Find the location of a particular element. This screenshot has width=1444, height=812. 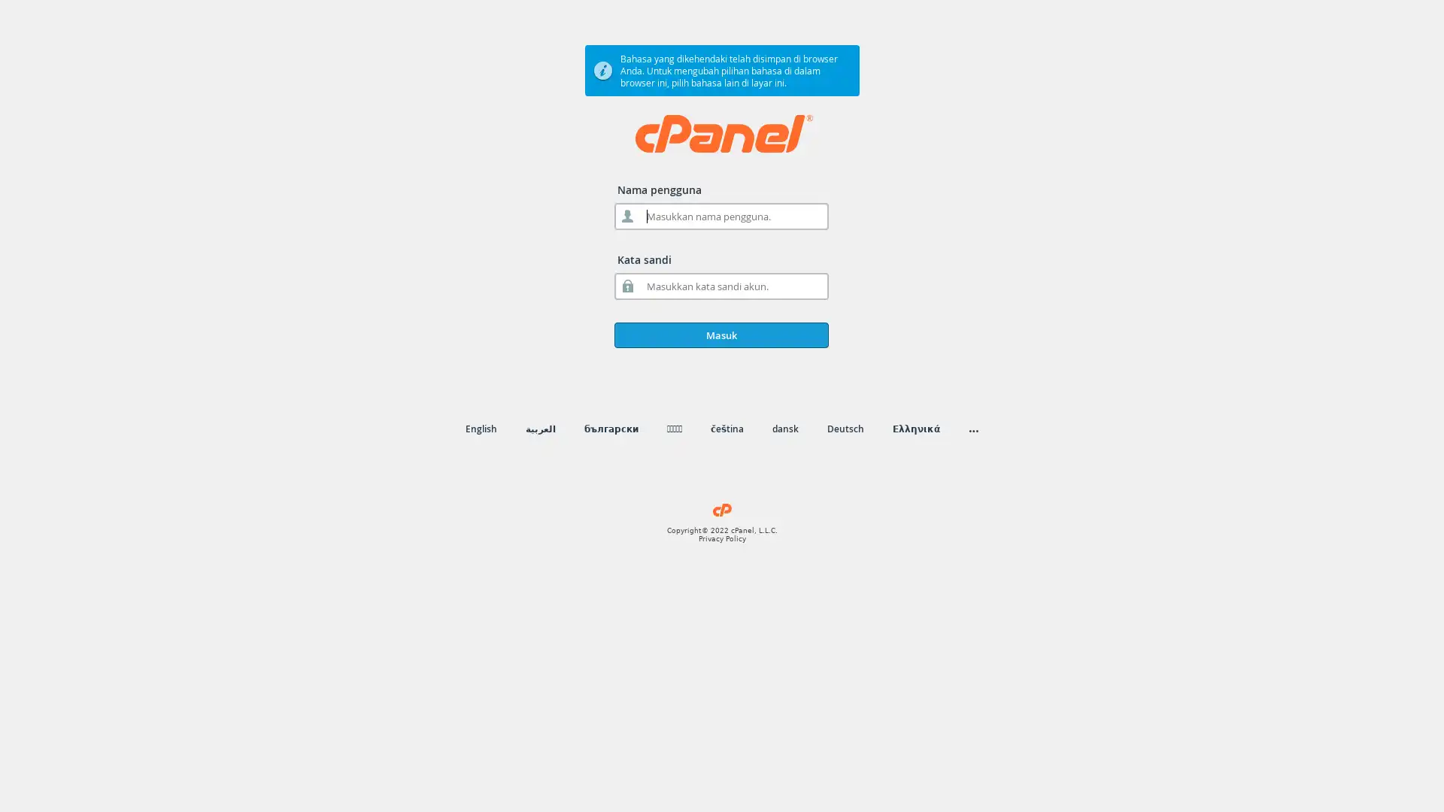

Masuk is located at coordinates (720, 335).